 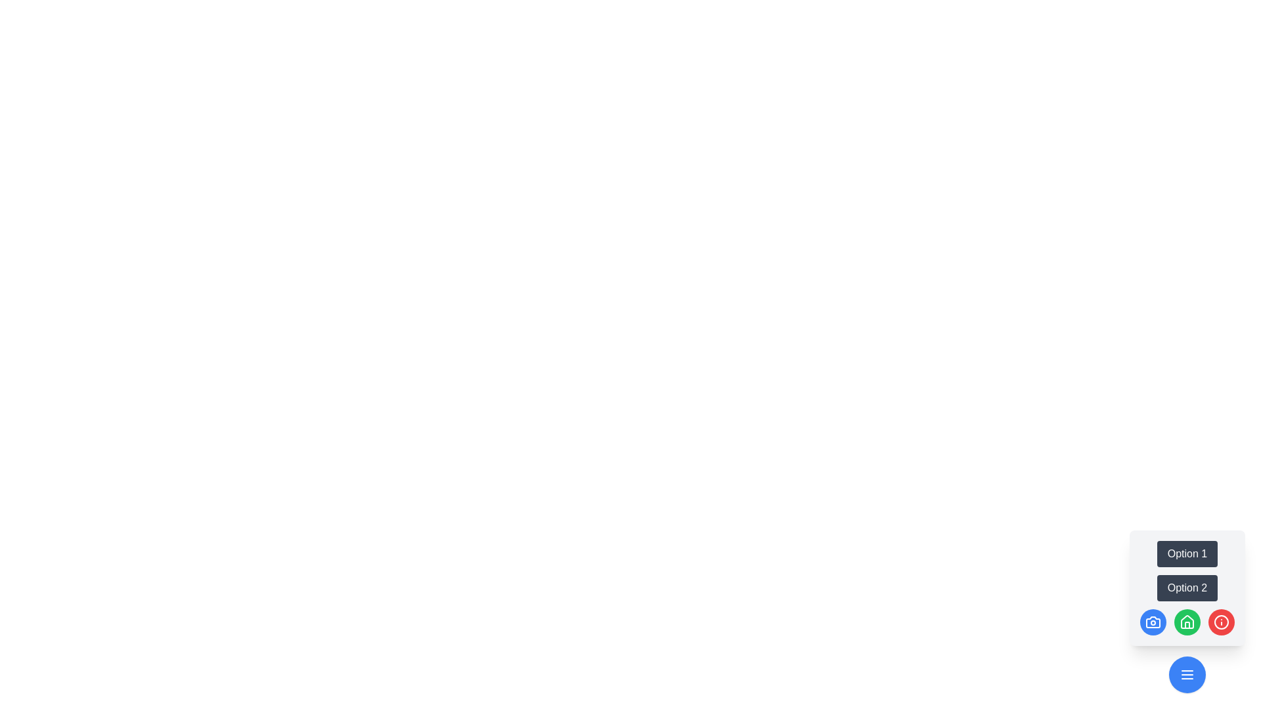 What do you see at coordinates (1187, 675) in the screenshot?
I see `the circular blue button located at the bottom-right corner of the interface` at bounding box center [1187, 675].